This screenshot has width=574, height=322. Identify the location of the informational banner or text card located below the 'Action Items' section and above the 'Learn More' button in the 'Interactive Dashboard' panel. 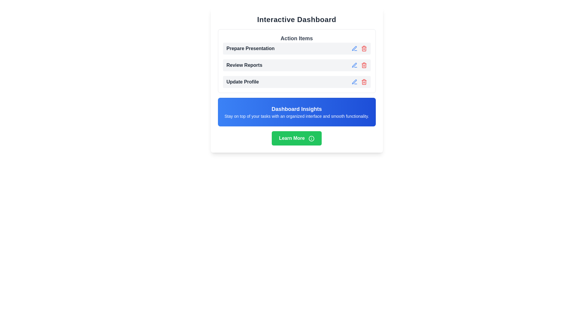
(297, 112).